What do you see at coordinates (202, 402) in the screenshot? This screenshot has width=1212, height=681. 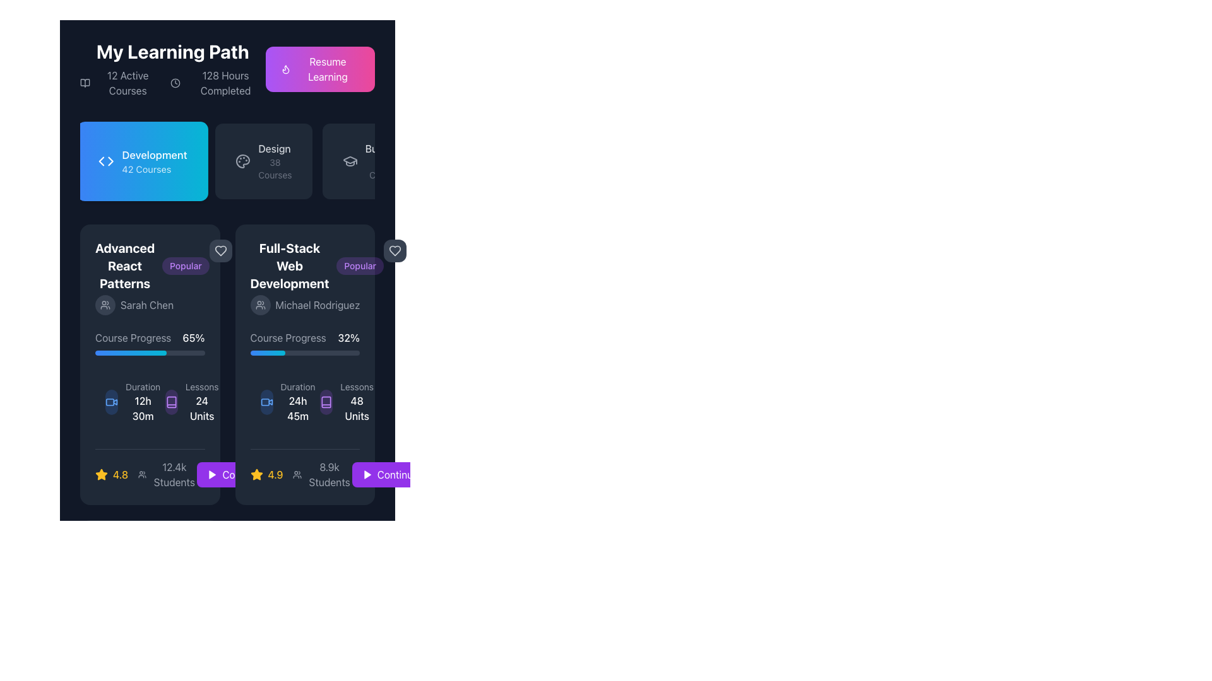 I see `displayed text in the bottom section of the left card, which shows '24 Units' next to the 'Duration' information` at bounding box center [202, 402].